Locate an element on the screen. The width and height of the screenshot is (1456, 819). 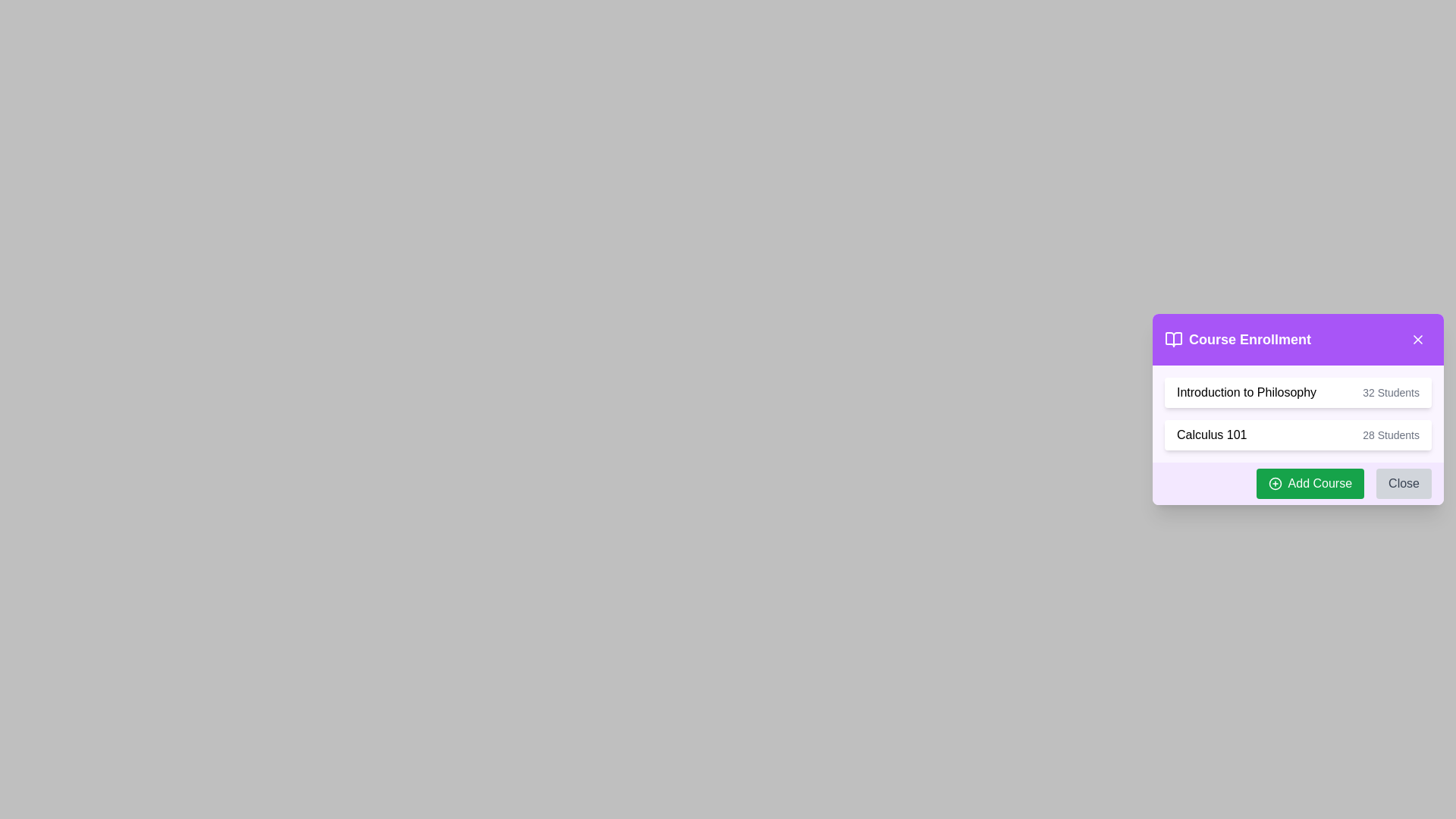
the Text component that serves as a header for the course enrollment panel, which is centrally aligned in the purple header and located to the left of the close icon button is located at coordinates (1238, 338).